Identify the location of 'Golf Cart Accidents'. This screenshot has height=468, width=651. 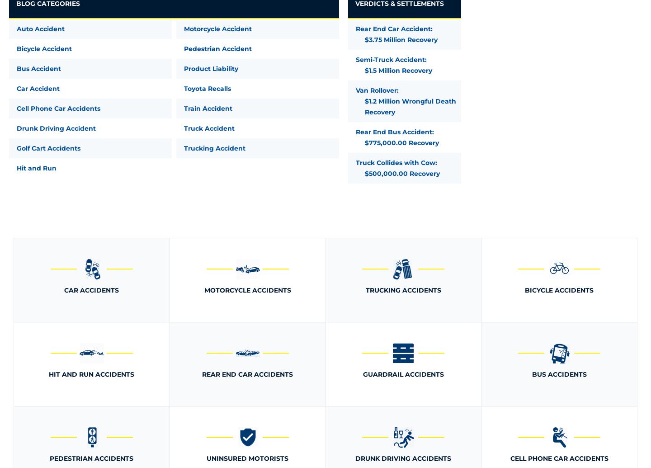
(48, 148).